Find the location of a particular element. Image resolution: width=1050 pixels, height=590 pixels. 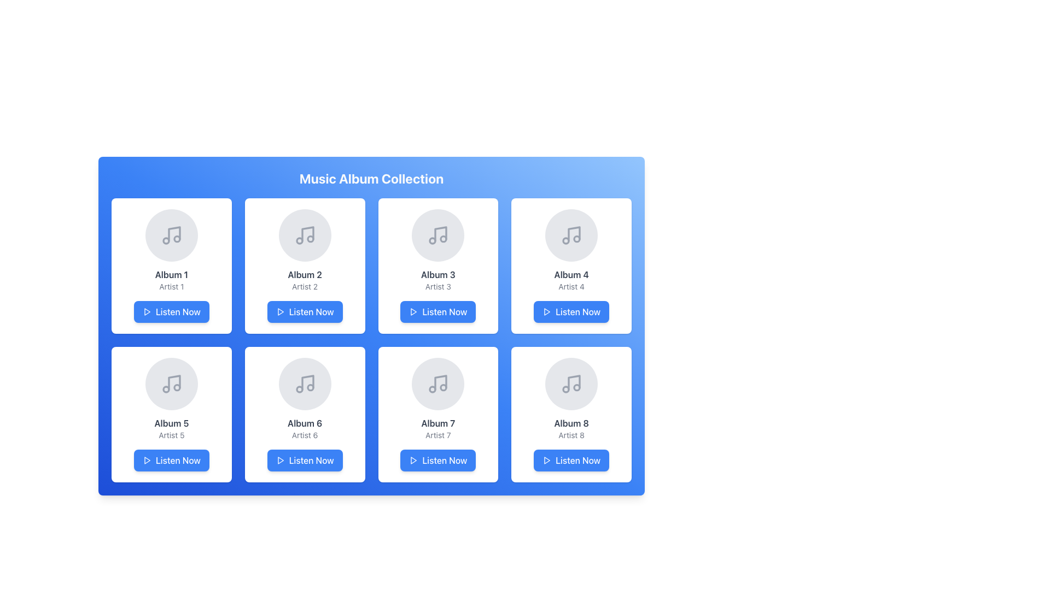

the triangular-shaped icon within the 'Listen Now' button located below the fourth album ('Album 4') by 'Artist 4' in the grid layout to play the track is located at coordinates (546, 311).